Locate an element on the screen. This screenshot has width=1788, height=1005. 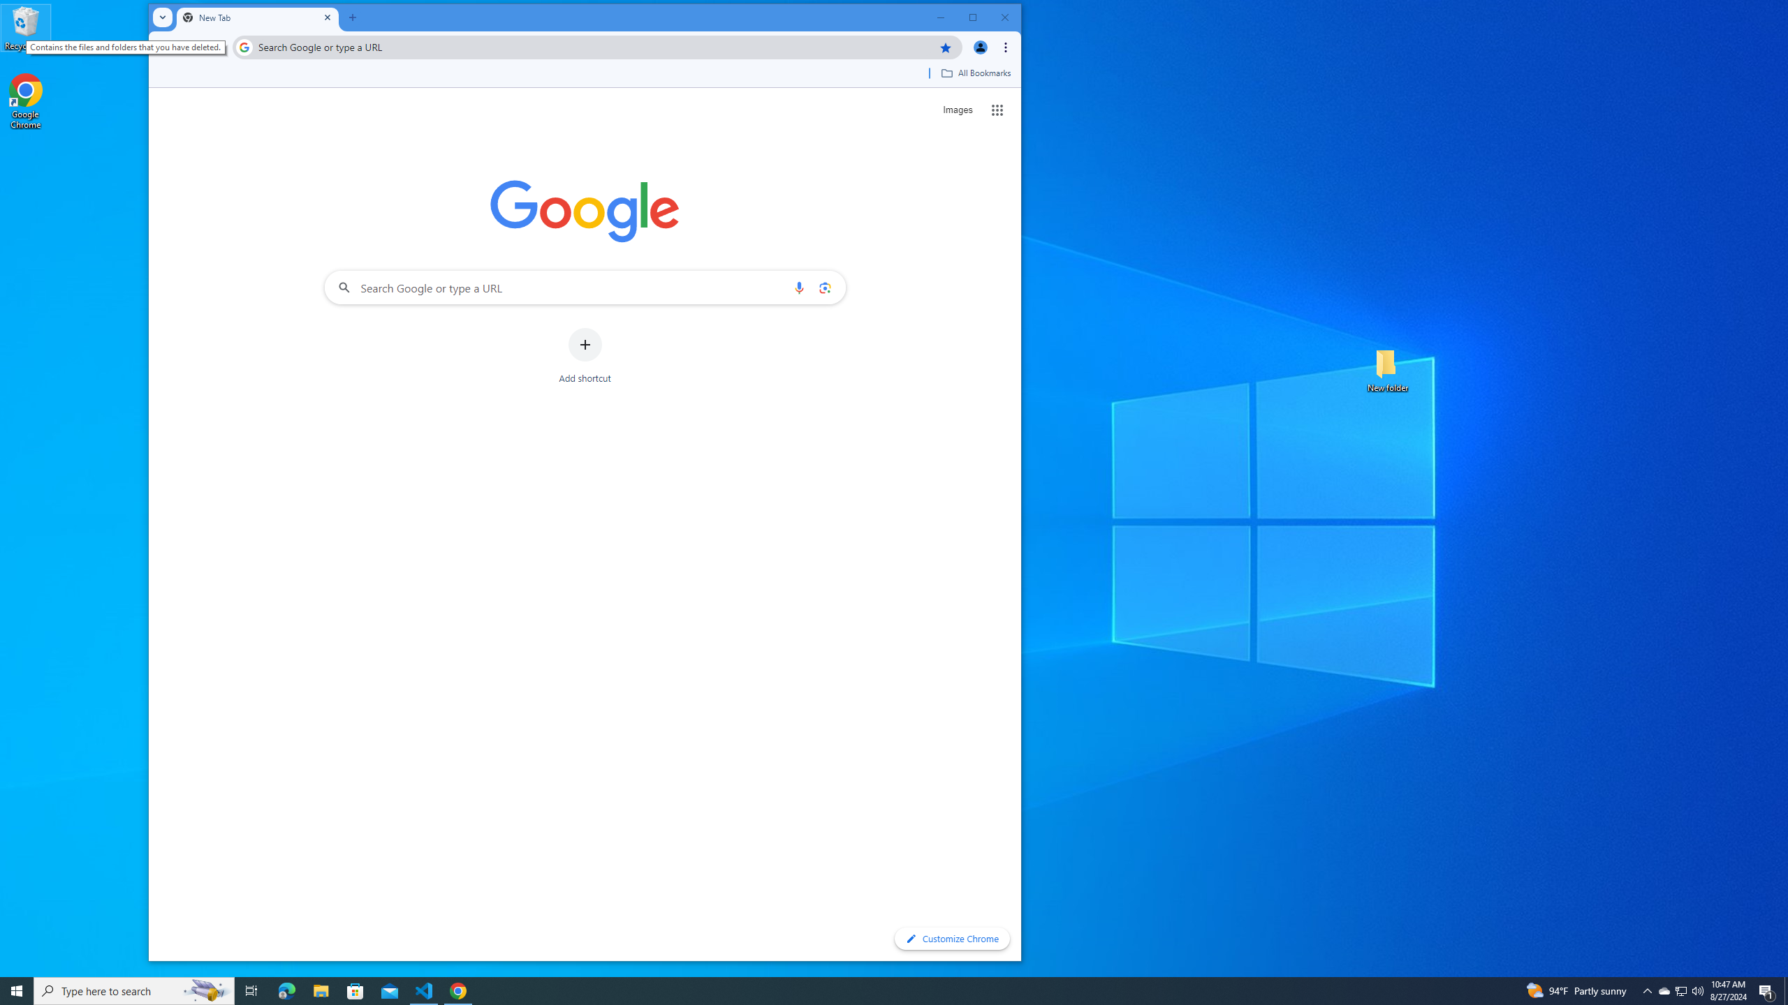
'Recycle Bin' is located at coordinates (25, 27).